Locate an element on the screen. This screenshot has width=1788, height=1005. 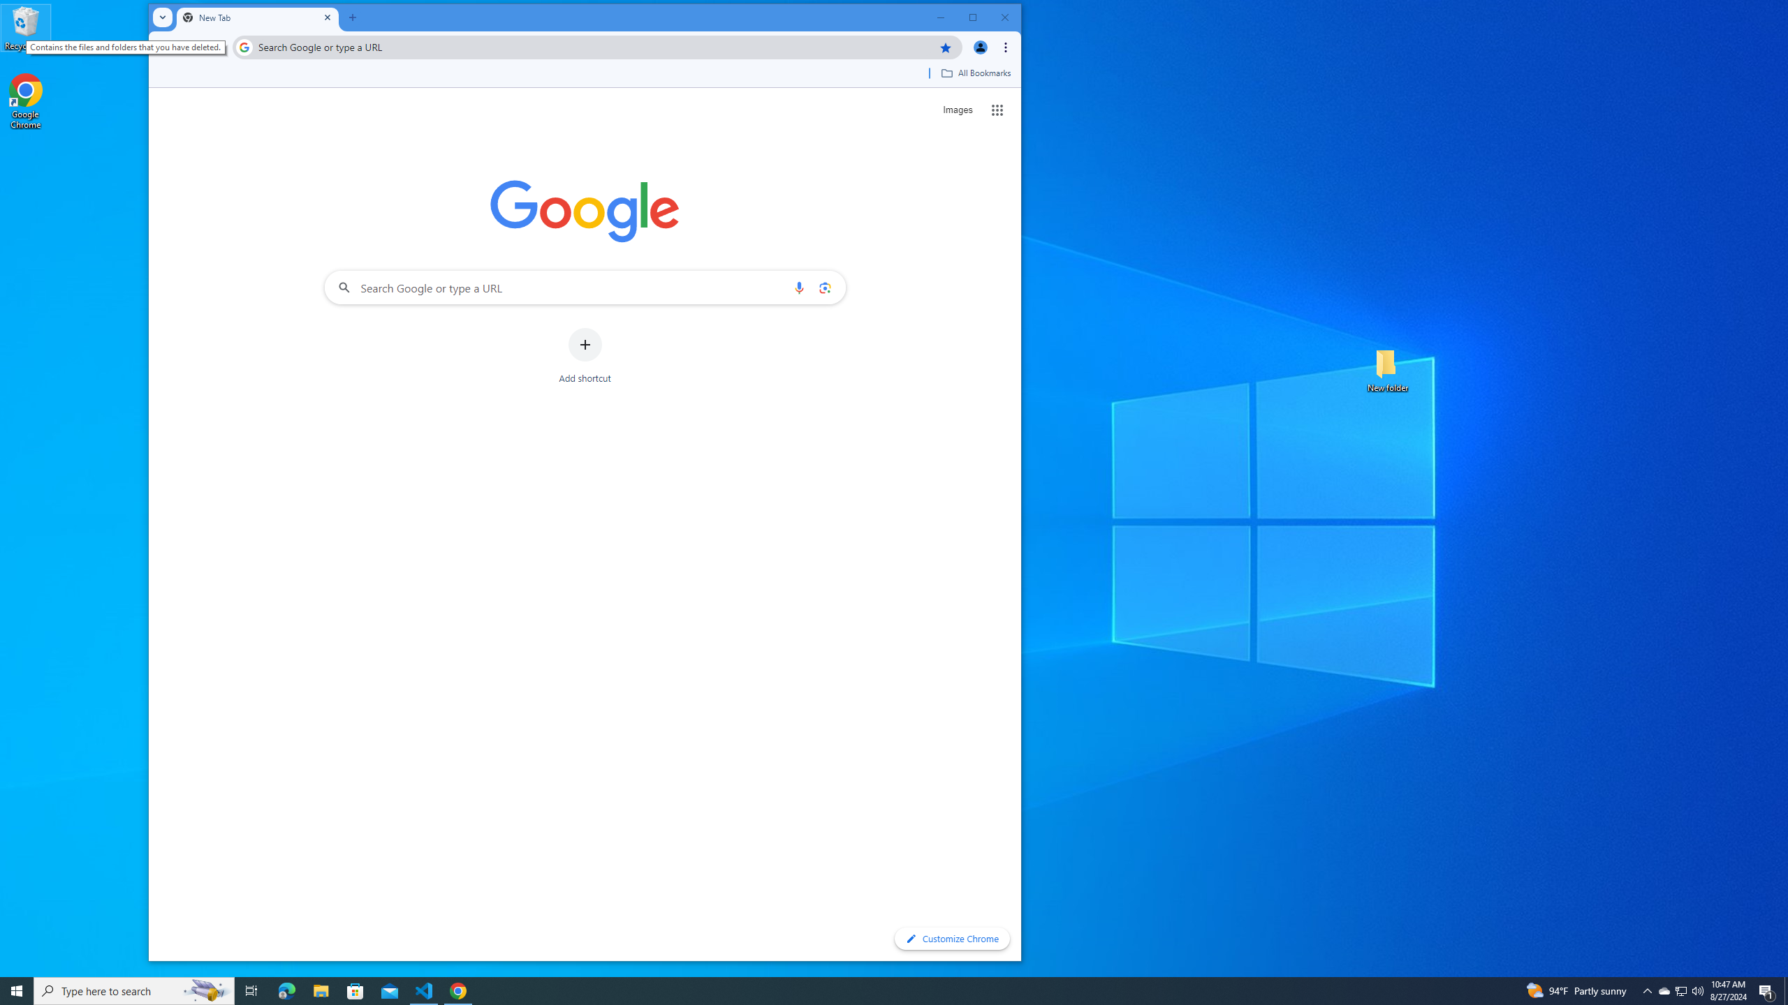
'Recycle Bin' is located at coordinates (25, 27).